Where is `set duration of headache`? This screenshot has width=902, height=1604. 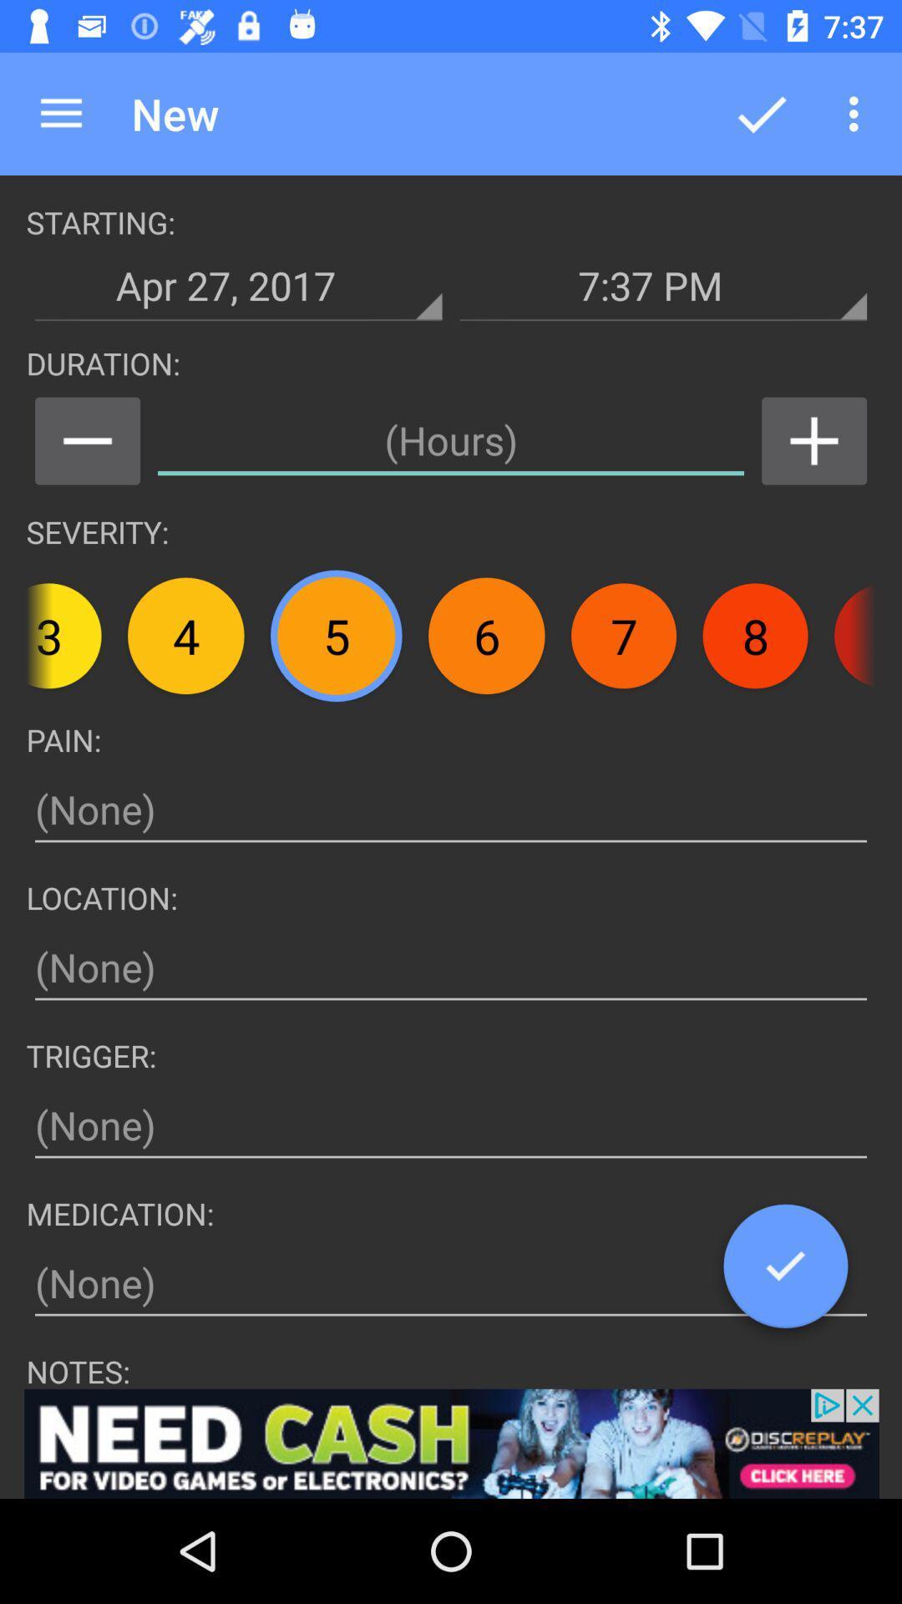 set duration of headache is located at coordinates (451, 441).